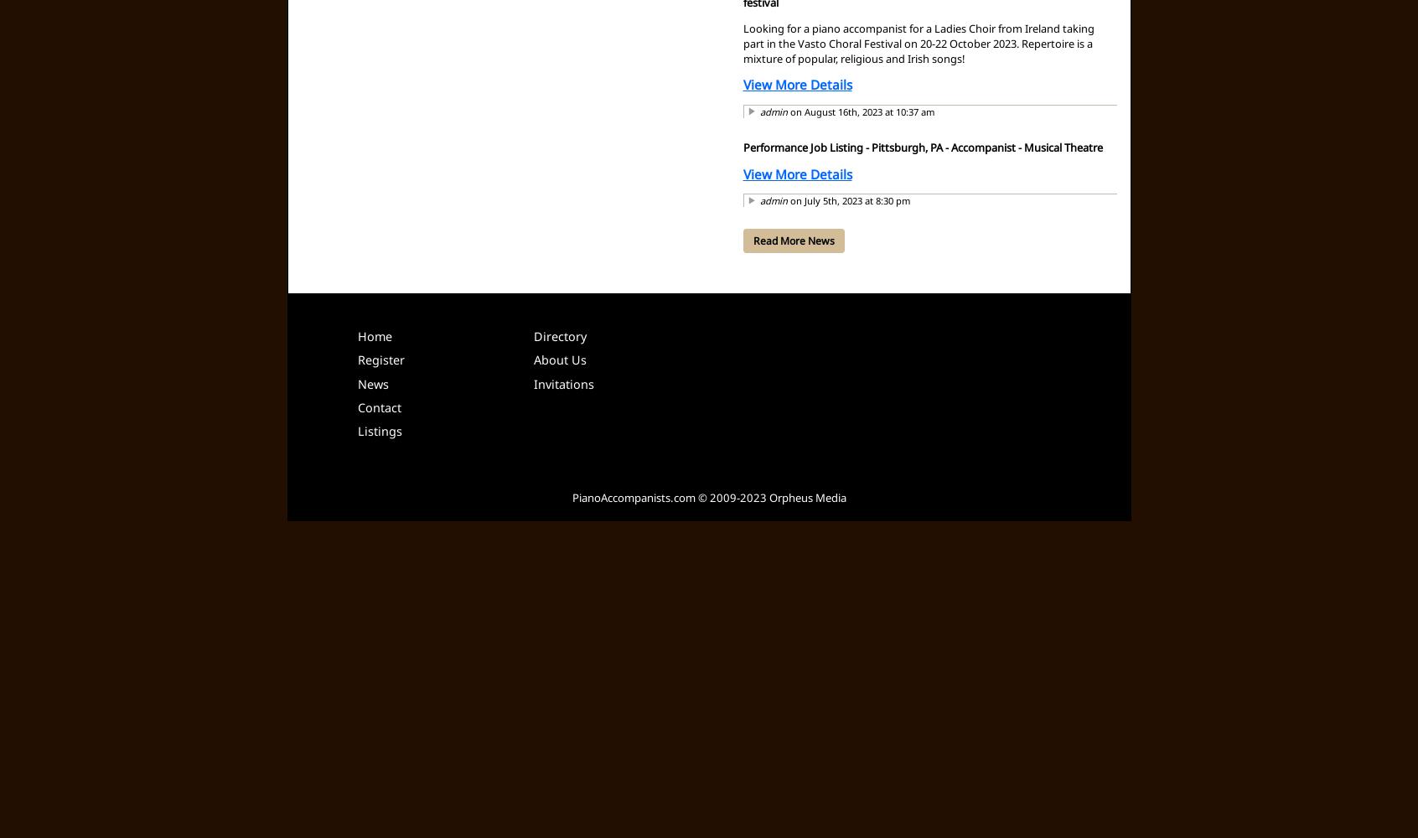 The height and width of the screenshot is (838, 1418). Describe the element at coordinates (372, 382) in the screenshot. I see `'News'` at that location.